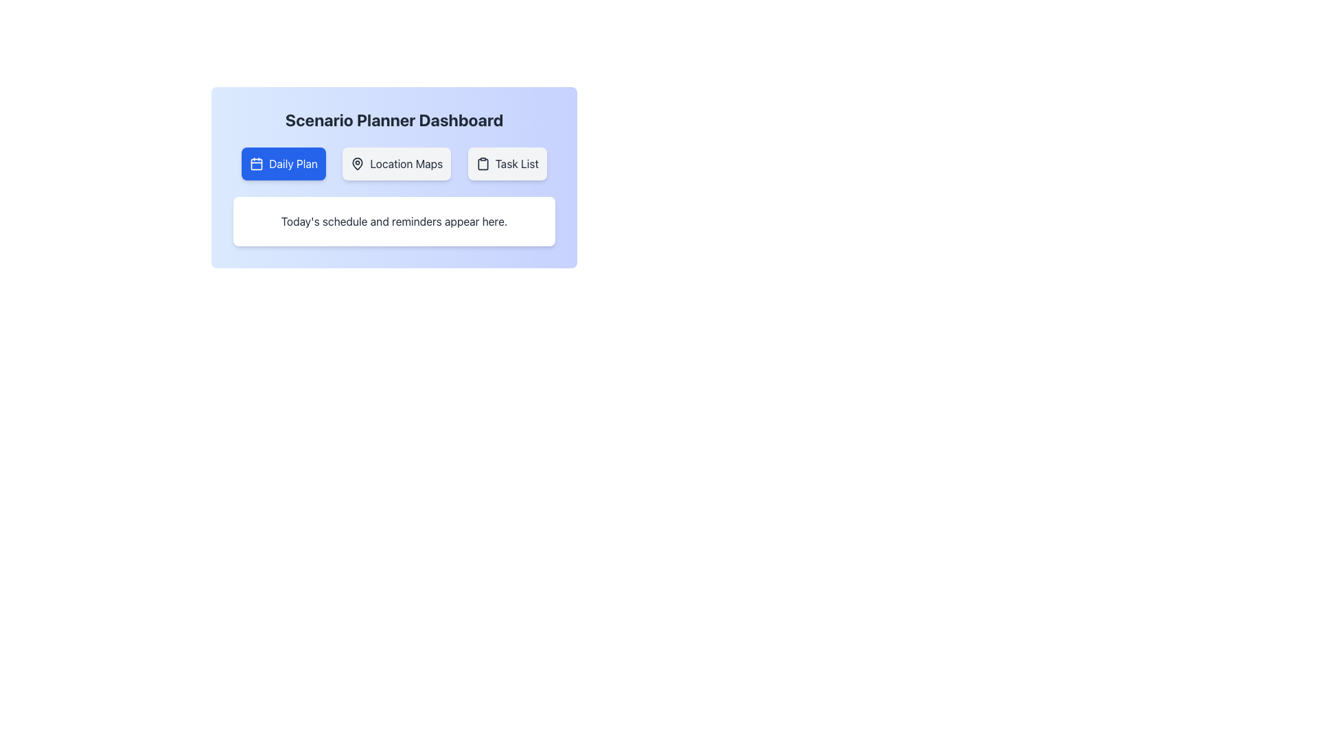  Describe the element at coordinates (358, 163) in the screenshot. I see `the map pin icon located within the 'Location Maps' button, which is the middle button in a horizontal group of three buttons in the dashboard layout` at that location.